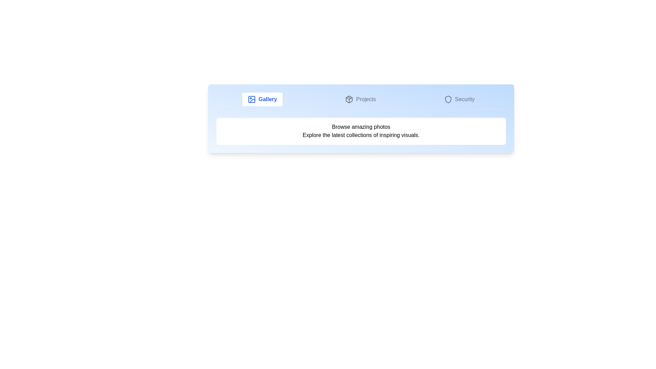 The height and width of the screenshot is (369, 656). What do you see at coordinates (349, 99) in the screenshot?
I see `the icon associated with the Projects tab` at bounding box center [349, 99].